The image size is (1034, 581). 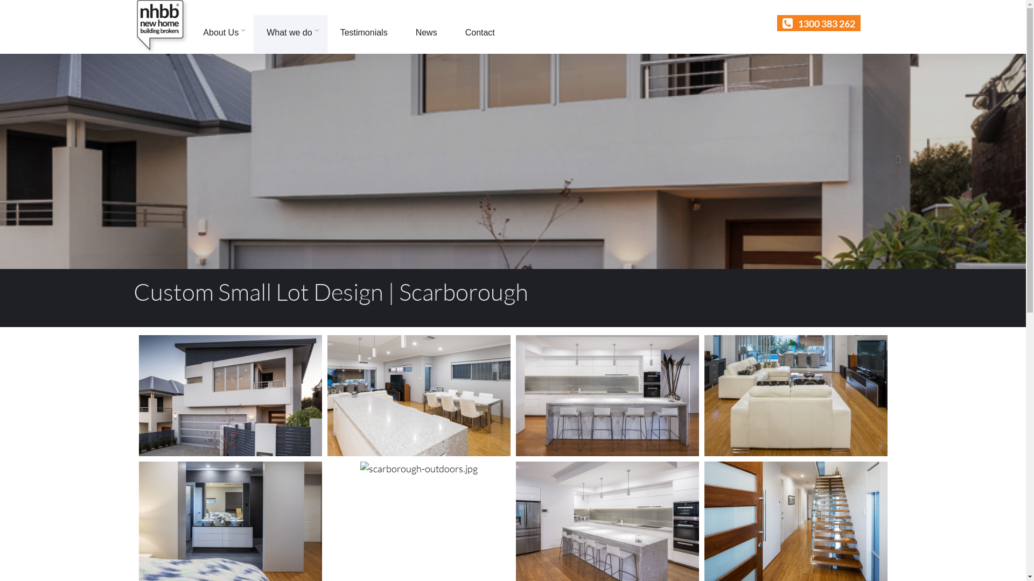 I want to click on 'What we do', so click(x=253, y=33).